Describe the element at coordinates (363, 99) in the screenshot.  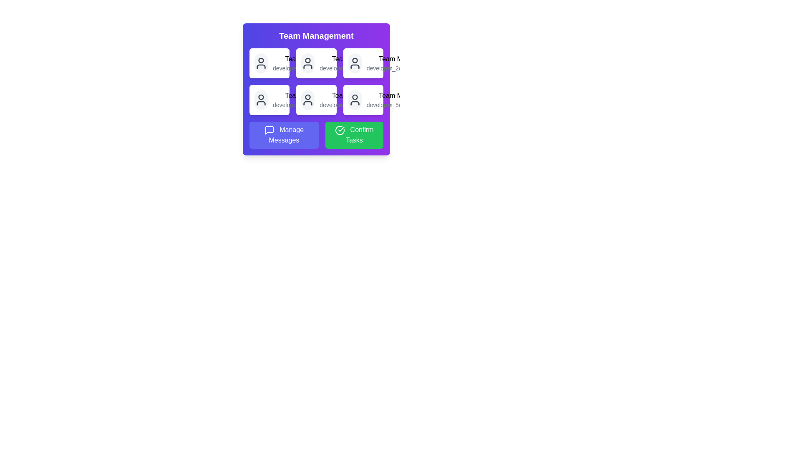
I see `the Card component representing a team member entry, displaying their name and email, located on the right side of the second row in a 3x2 grid layout within the 'Team Management' panel` at that location.